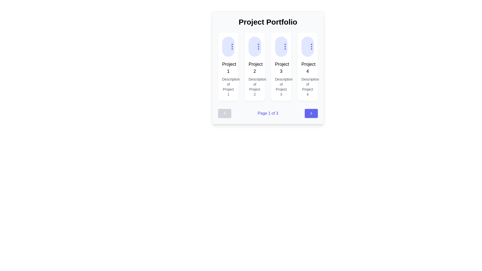 This screenshot has height=271, width=482. I want to click on the text label 'Project 2' which is bold and centered within the second card of four cards, so click(255, 68).